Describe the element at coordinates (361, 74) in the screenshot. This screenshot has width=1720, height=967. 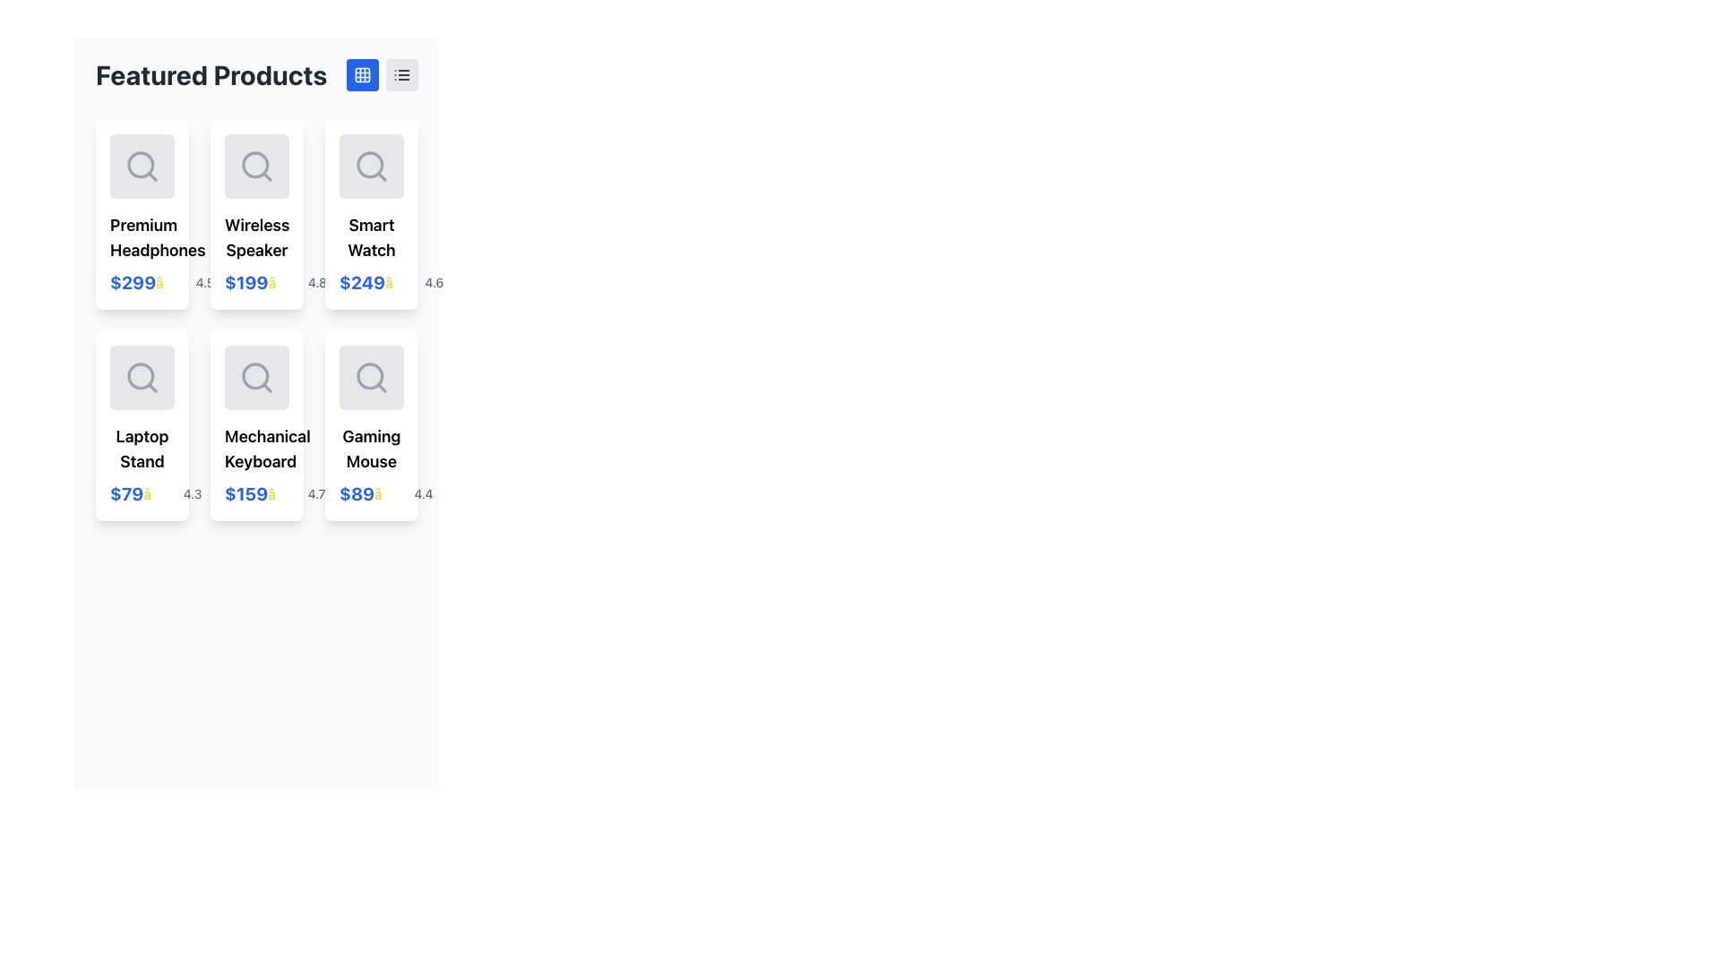
I see `the button located at the top-right of the 'Featured Products' section to switch to grid layout` at that location.